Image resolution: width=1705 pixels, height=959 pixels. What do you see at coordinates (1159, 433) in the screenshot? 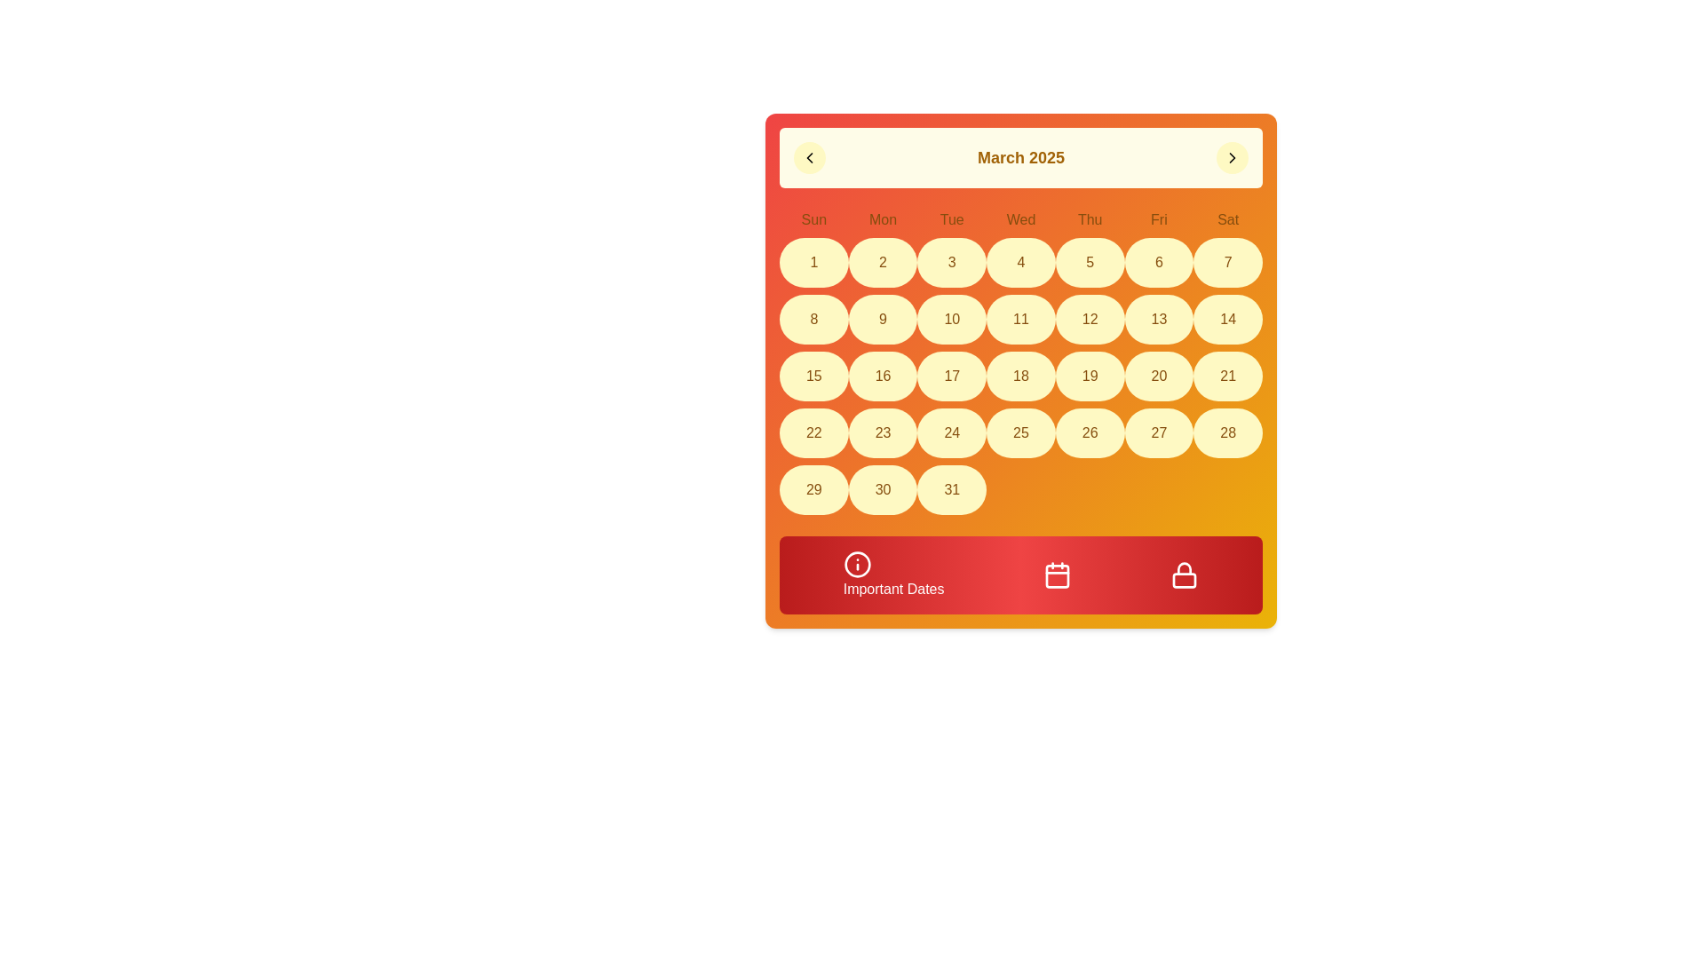
I see `the circular button with a yellow background labeled '27'` at bounding box center [1159, 433].